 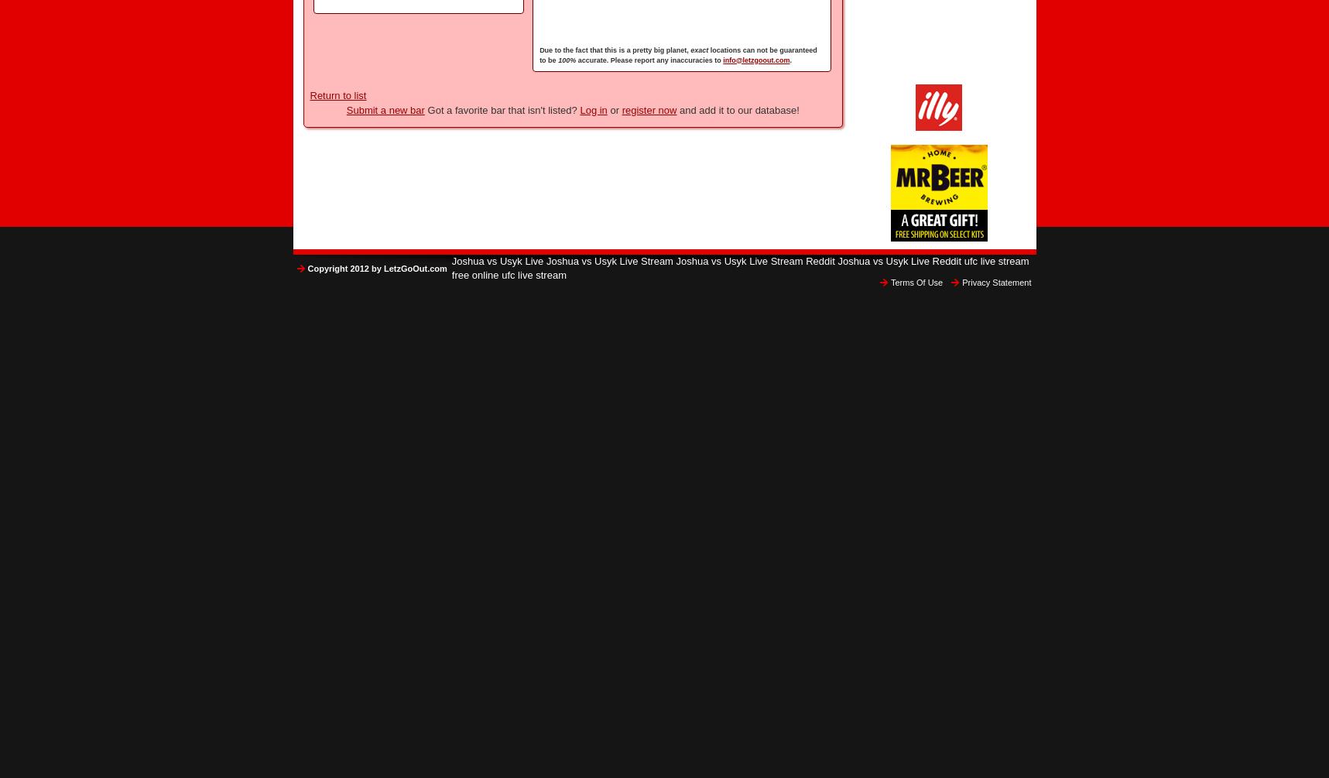 I want to click on 'Privacy Statement', so click(x=996, y=282).